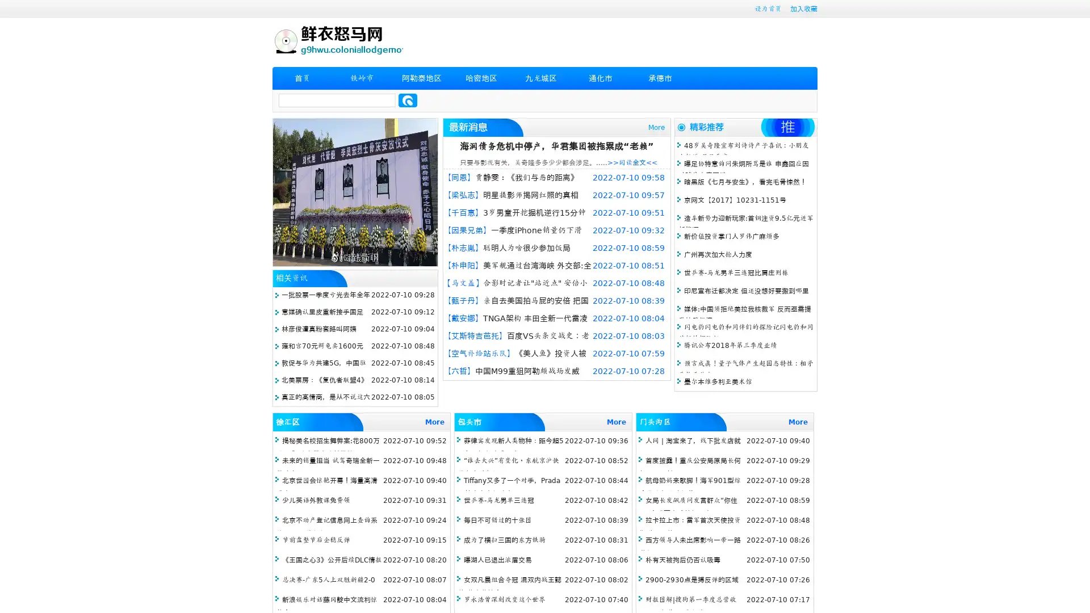 The height and width of the screenshot is (613, 1090). Describe the element at coordinates (408, 100) in the screenshot. I see `Search` at that location.